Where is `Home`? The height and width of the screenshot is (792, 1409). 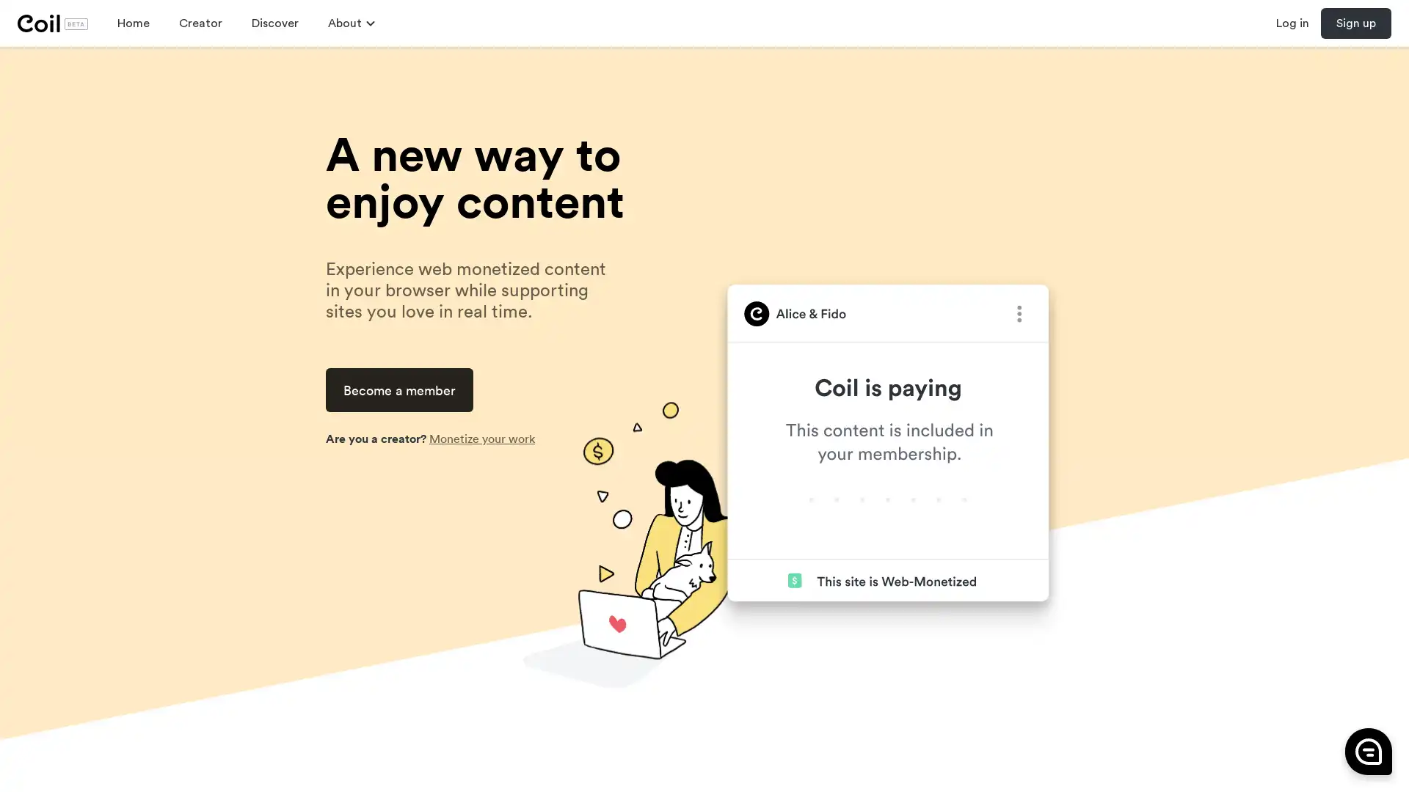 Home is located at coordinates (134, 23).